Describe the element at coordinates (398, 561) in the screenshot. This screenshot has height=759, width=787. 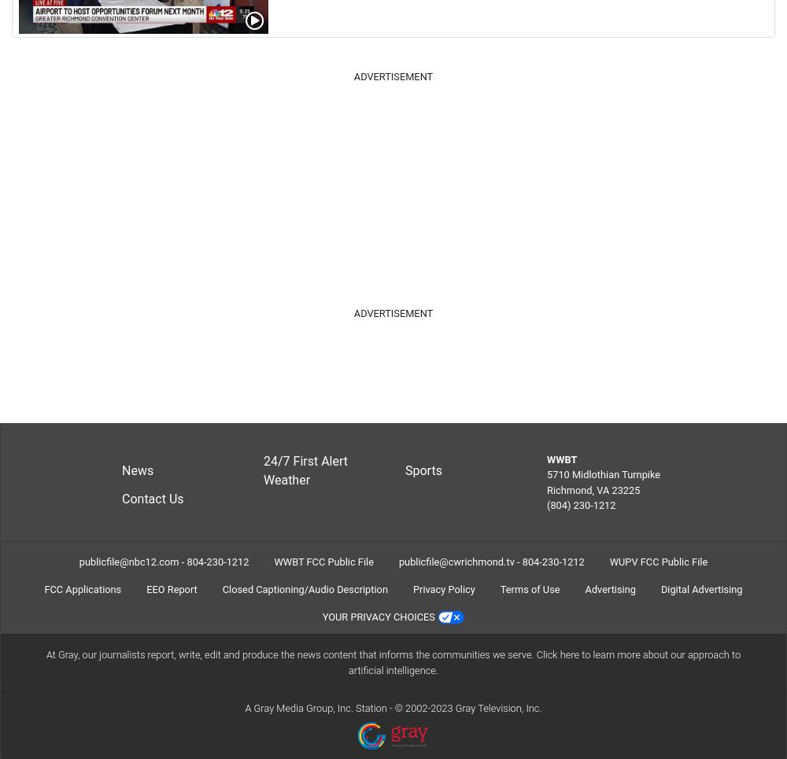
I see `'publicfile@cwrichmond.tv - 804-230-1212'` at that location.